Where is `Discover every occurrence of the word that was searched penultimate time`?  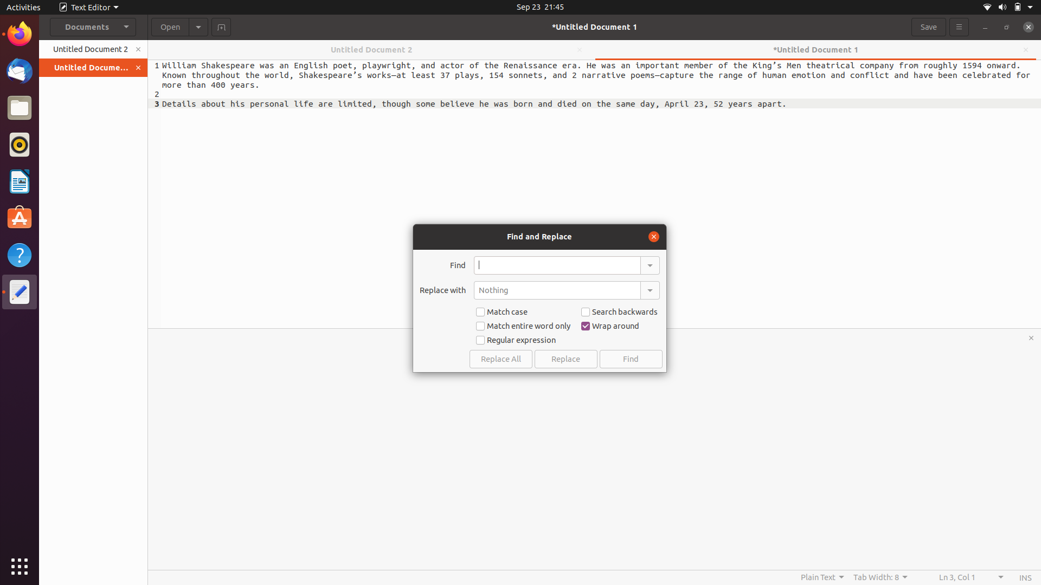 Discover every occurrence of the word that was searched penultimate time is located at coordinates (649, 264).